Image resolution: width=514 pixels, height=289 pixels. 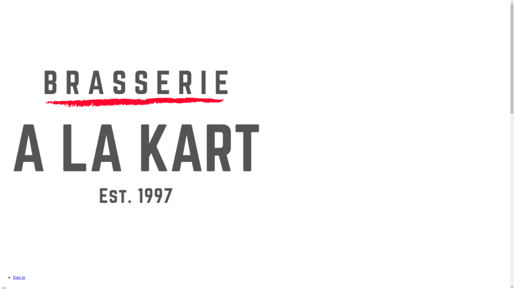 I want to click on 'Sign in', so click(x=19, y=277).